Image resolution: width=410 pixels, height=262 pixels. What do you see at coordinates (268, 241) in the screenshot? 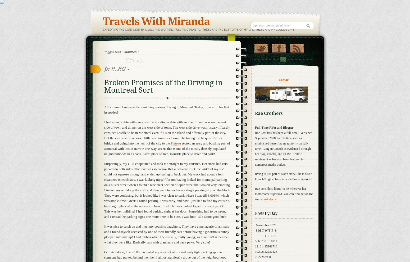
I see `'9'` at bounding box center [268, 241].